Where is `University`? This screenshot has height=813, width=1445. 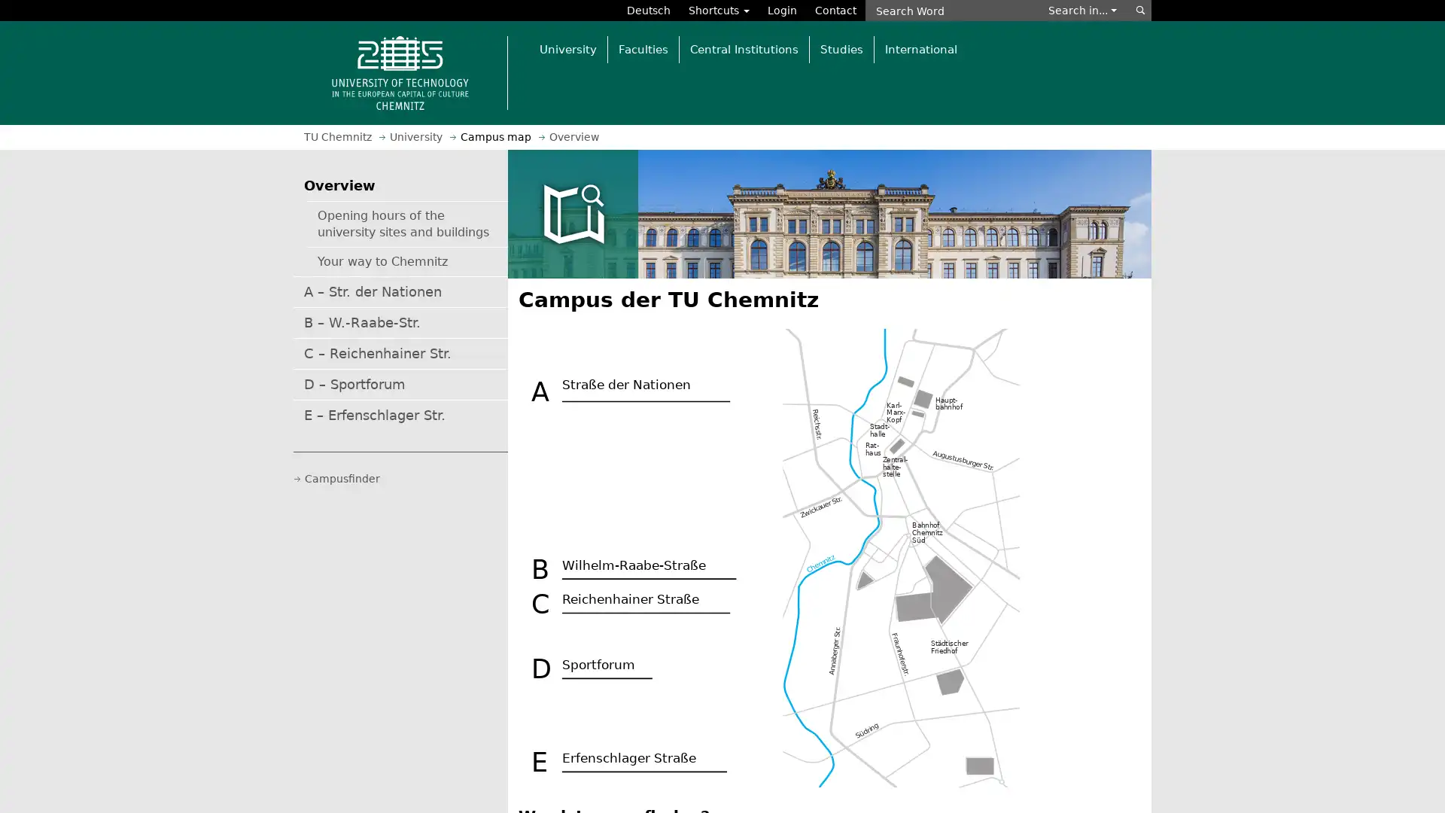
University is located at coordinates (567, 48).